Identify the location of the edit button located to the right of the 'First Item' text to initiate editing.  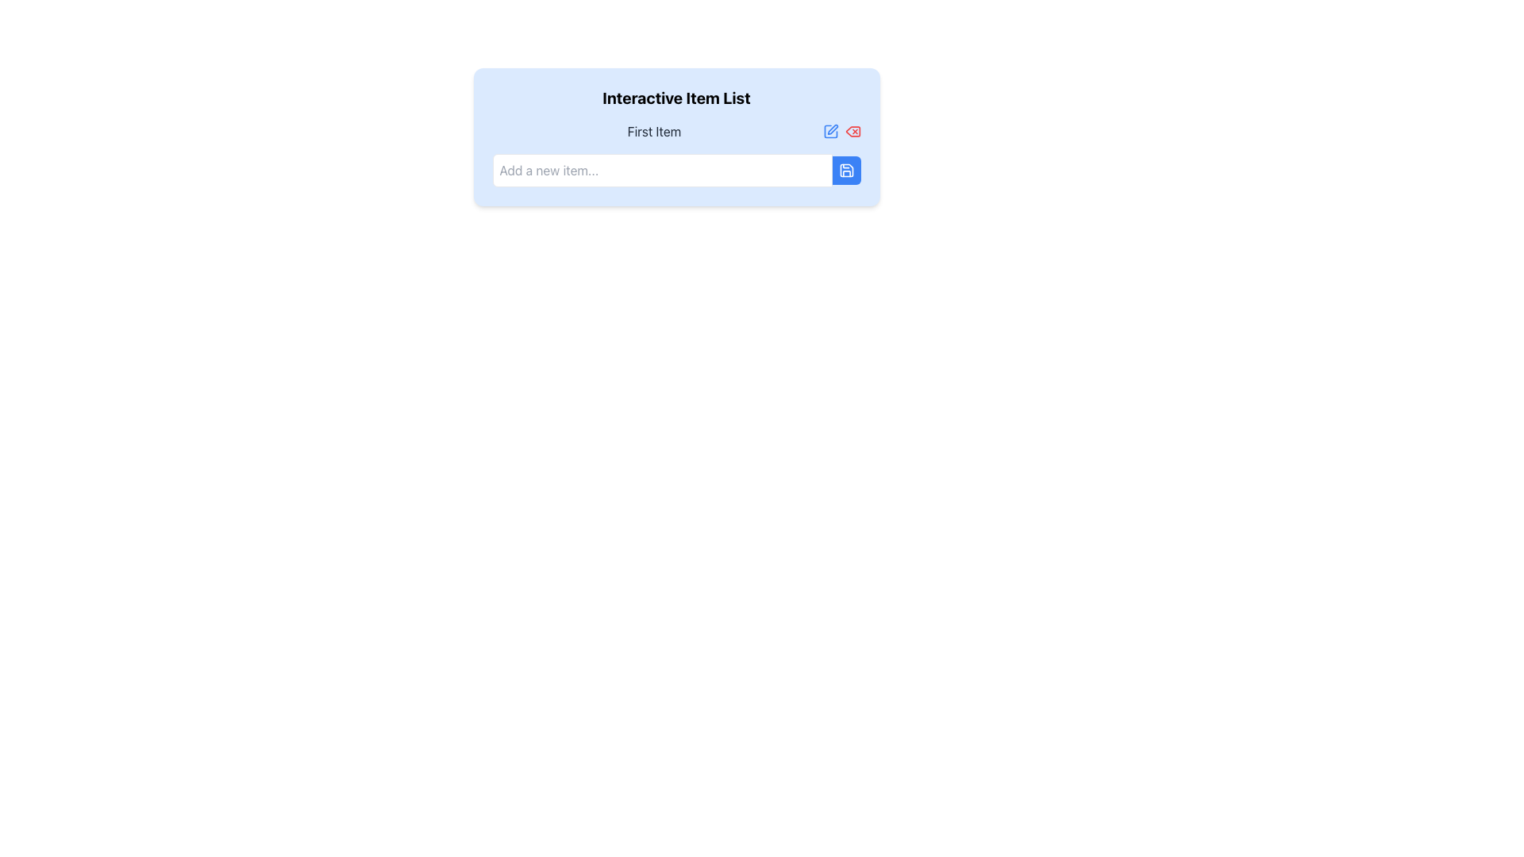
(829, 130).